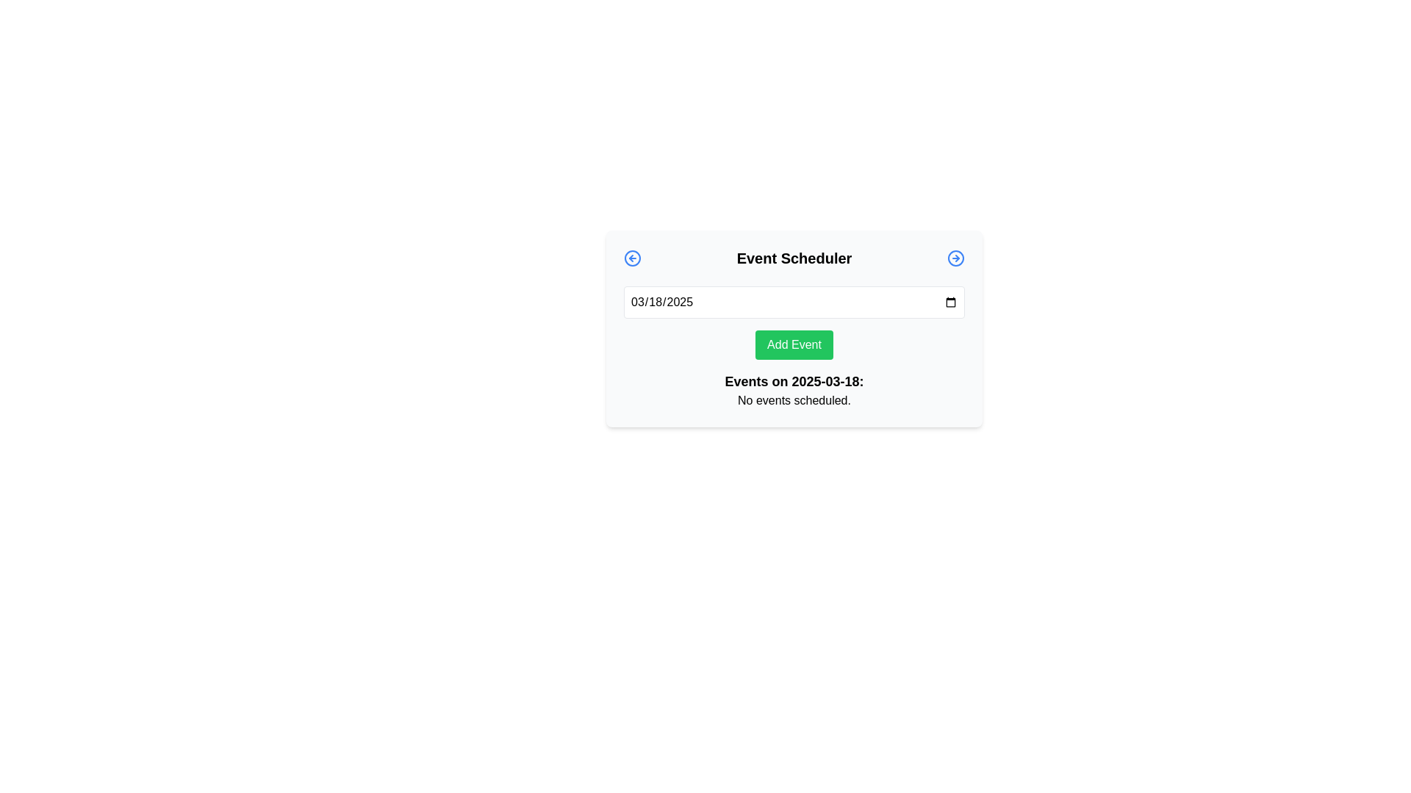  Describe the element at coordinates (955, 257) in the screenshot. I see `the decorative vector graphic icon located in the upper-right corner of the content box, which serves as part of an icon indicating a forward action or navigation` at that location.